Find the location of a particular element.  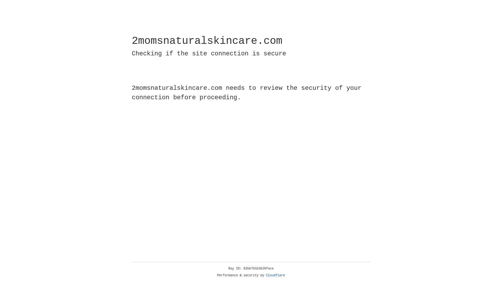

'Cloudflare' is located at coordinates (266, 275).